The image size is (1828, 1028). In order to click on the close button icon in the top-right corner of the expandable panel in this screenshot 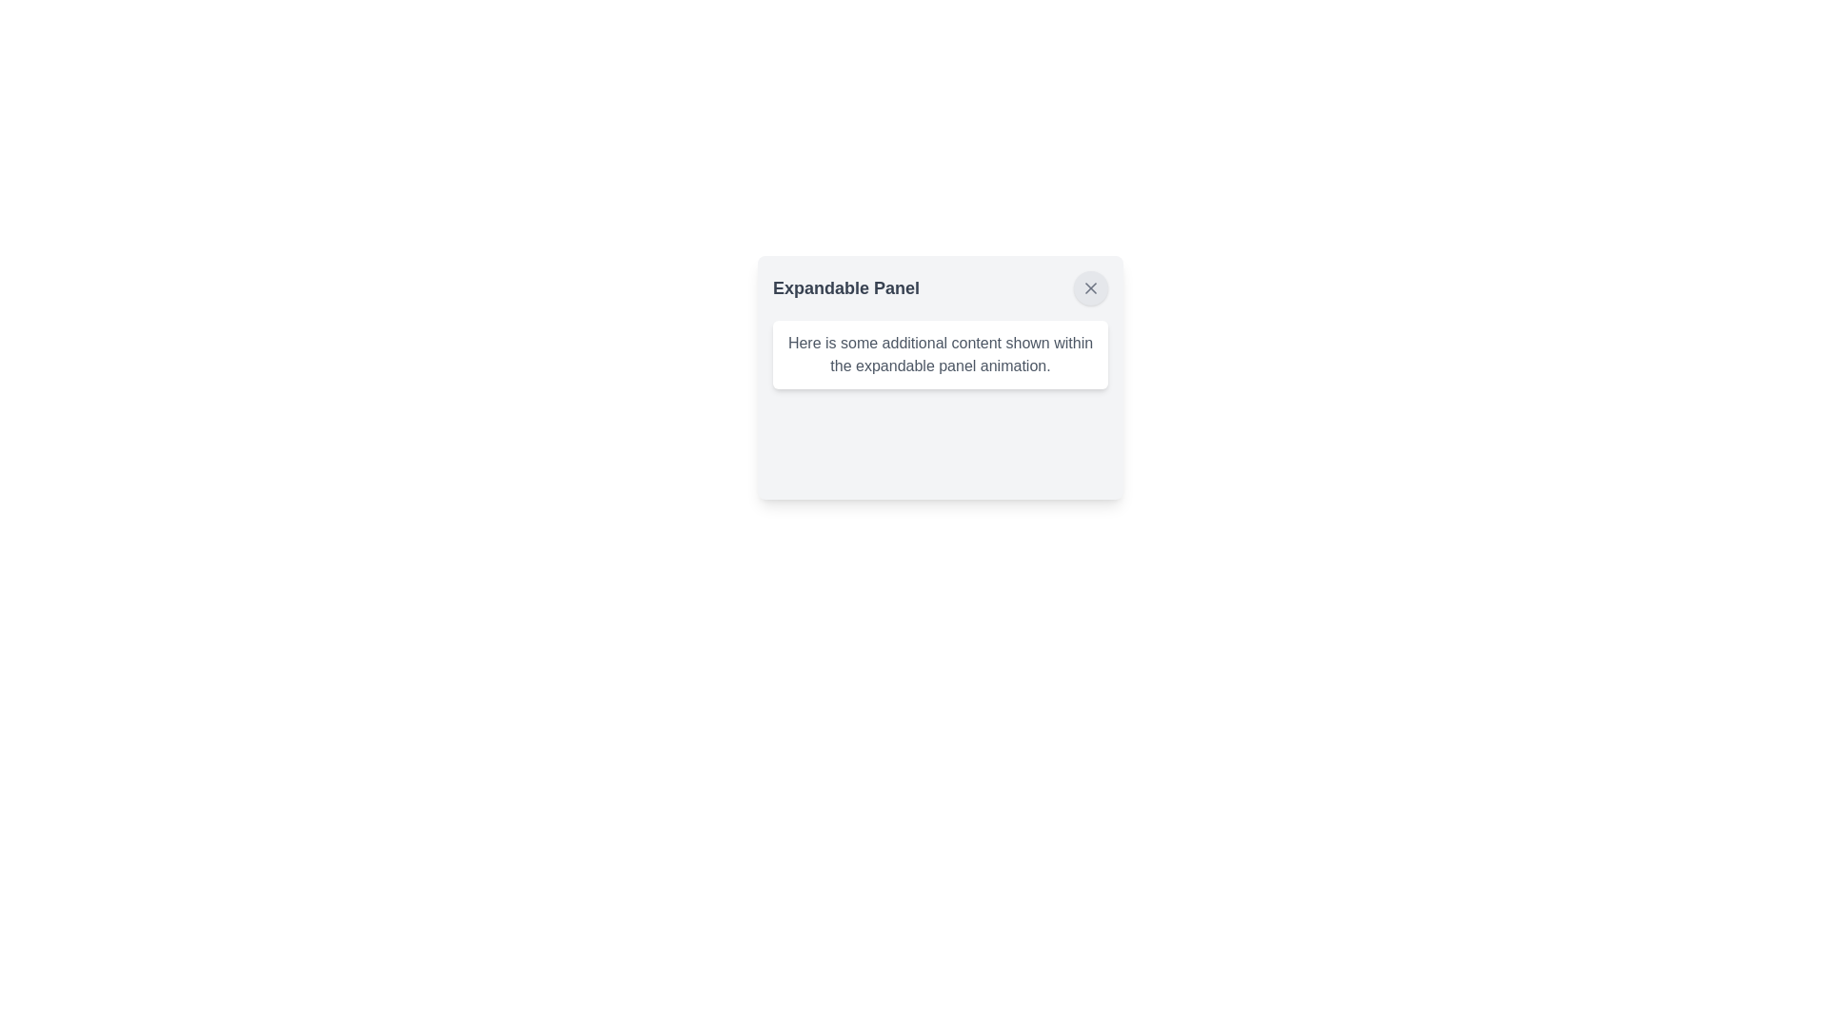, I will do `click(1091, 288)`.